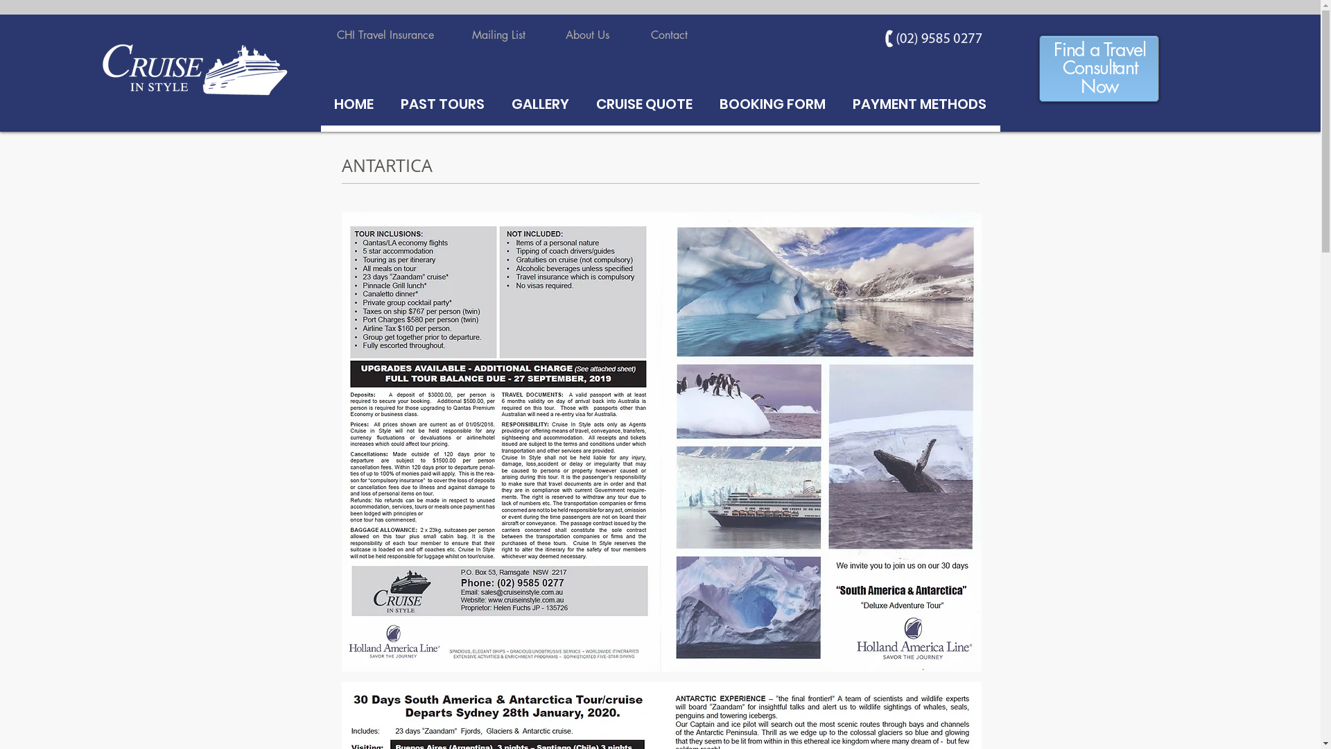 This screenshot has width=1331, height=749. Describe the element at coordinates (385, 35) in the screenshot. I see `'CHI Travel Insurance'` at that location.